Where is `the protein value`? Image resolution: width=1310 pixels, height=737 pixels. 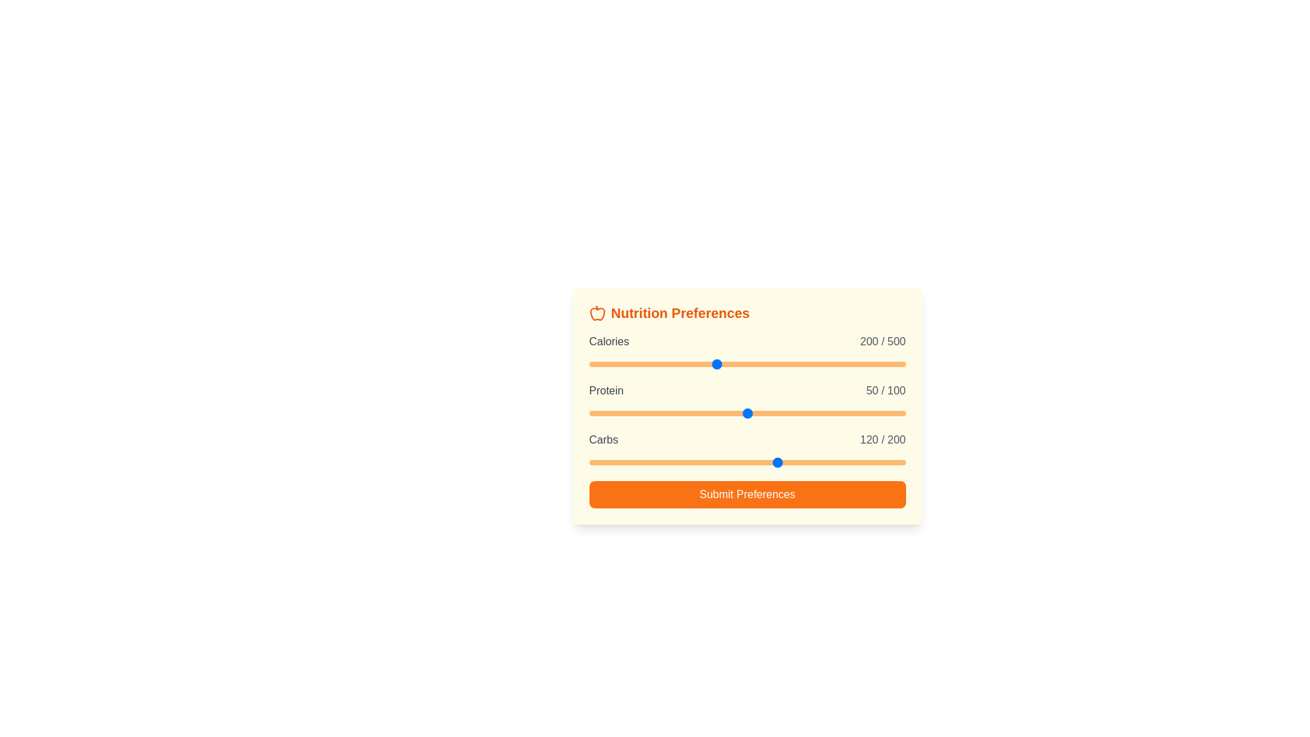 the protein value is located at coordinates (782, 412).